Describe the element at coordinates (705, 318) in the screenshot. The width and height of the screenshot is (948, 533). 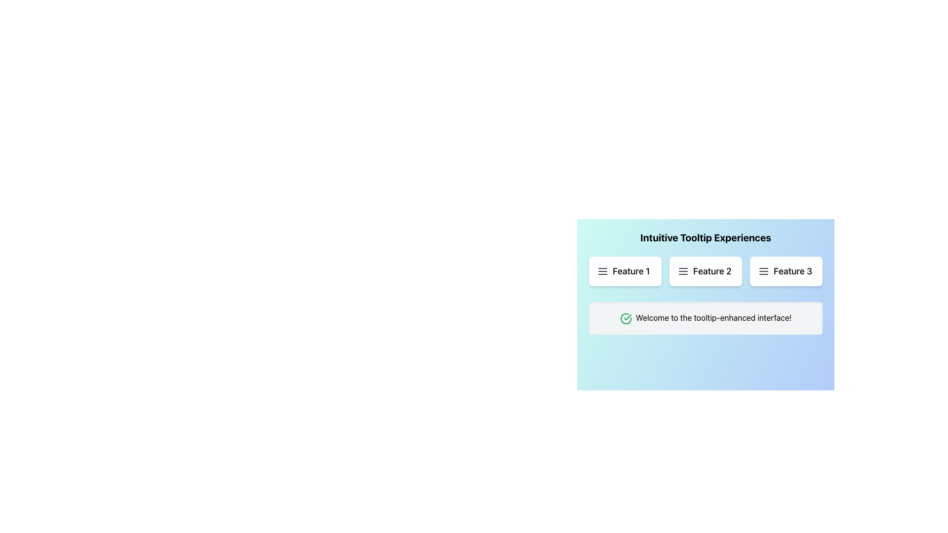
I see `the static message box styled with light gray backgrounds and rounded corners, which contains the text 'Welcome to the tooltip-enhanced interface!' and a green checkmark icon, positioned beneath the feature labels` at that location.